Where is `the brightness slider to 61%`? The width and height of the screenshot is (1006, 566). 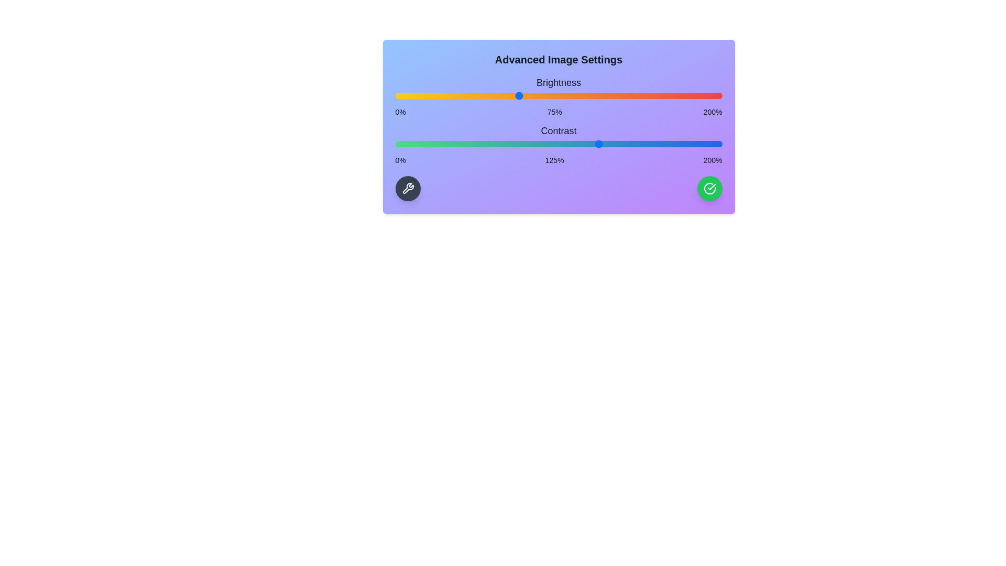 the brightness slider to 61% is located at coordinates (494, 95).